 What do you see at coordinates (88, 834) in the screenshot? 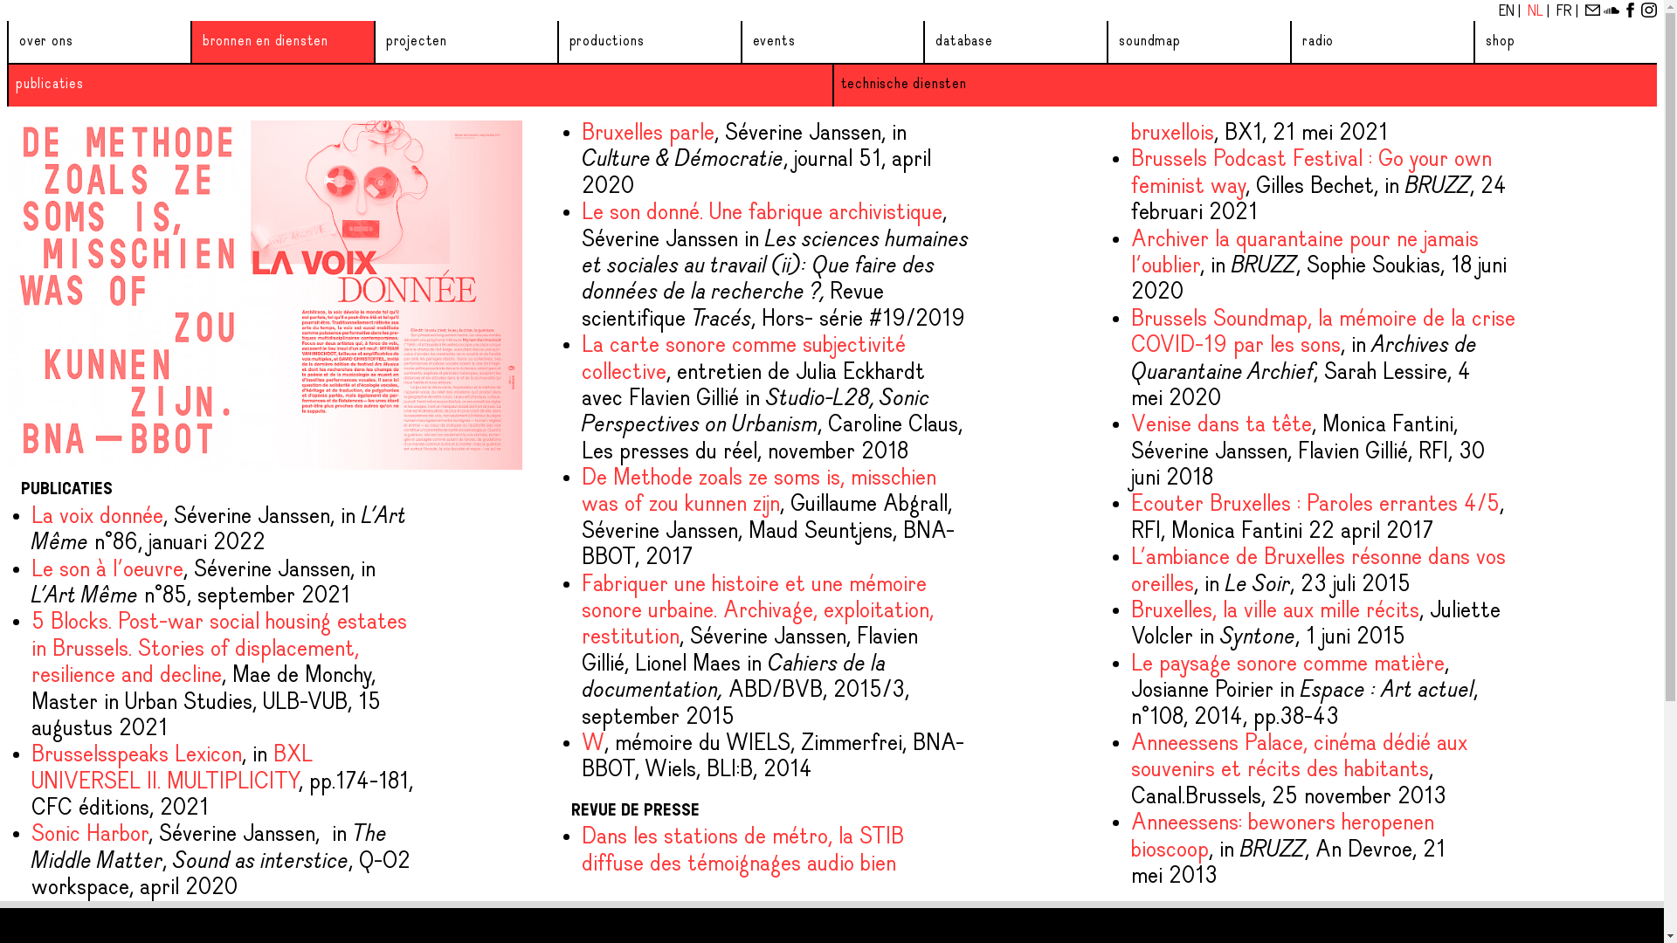
I see `'Sonic Harbor'` at bounding box center [88, 834].